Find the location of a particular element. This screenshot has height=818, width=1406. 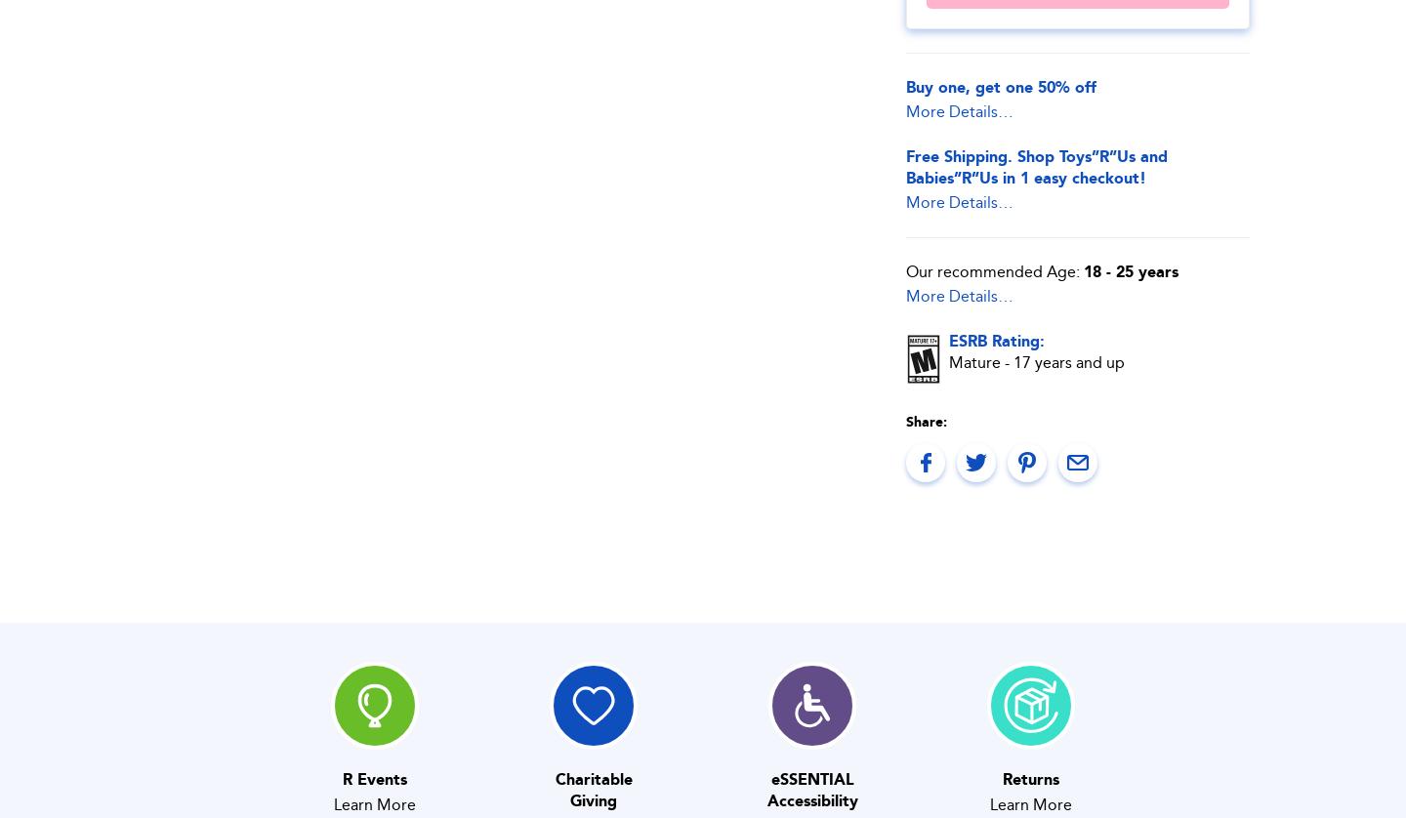

'Giving' is located at coordinates (592, 799).